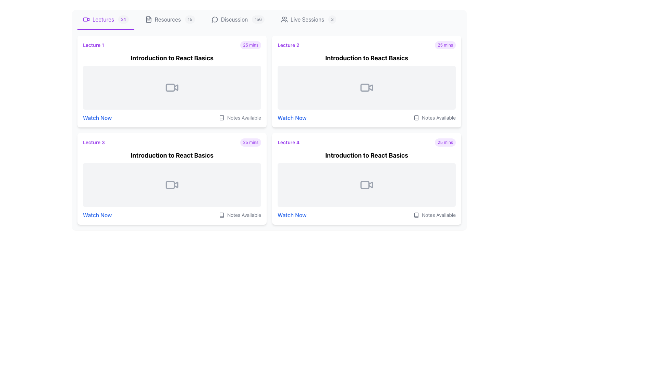  What do you see at coordinates (366, 185) in the screenshot?
I see `the SVG icon representing the availability of video playback for 'Lecture 4', located in the center of the lecture card above the 'Watch Now' button` at bounding box center [366, 185].